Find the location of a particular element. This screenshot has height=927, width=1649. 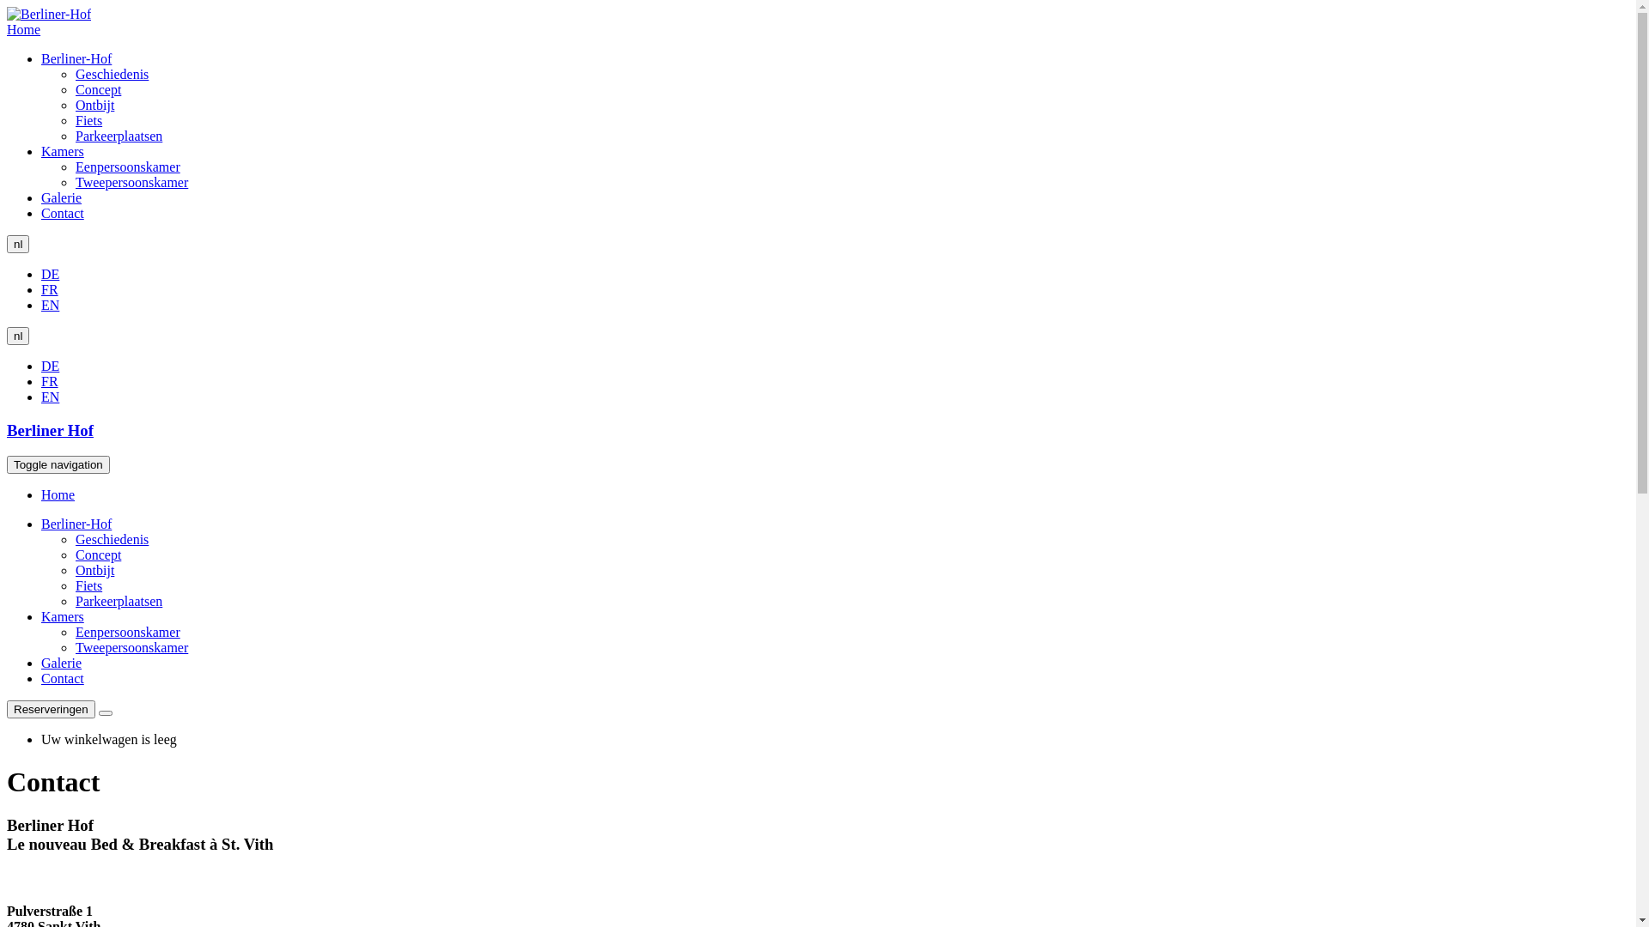

'Fiets' is located at coordinates (88, 585).